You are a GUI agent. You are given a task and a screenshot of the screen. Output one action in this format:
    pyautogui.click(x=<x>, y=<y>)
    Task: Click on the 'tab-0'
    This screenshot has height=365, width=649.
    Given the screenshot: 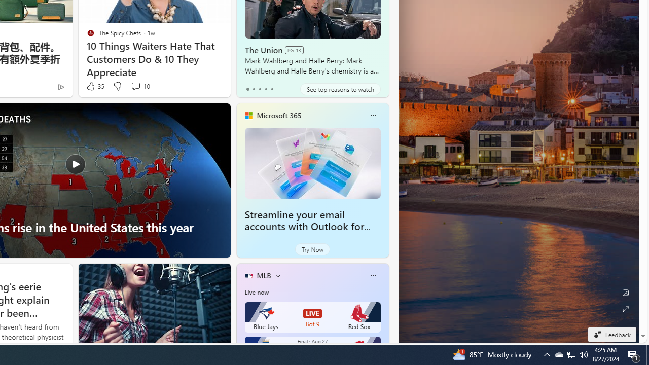 What is the action you would take?
    pyautogui.click(x=247, y=89)
    